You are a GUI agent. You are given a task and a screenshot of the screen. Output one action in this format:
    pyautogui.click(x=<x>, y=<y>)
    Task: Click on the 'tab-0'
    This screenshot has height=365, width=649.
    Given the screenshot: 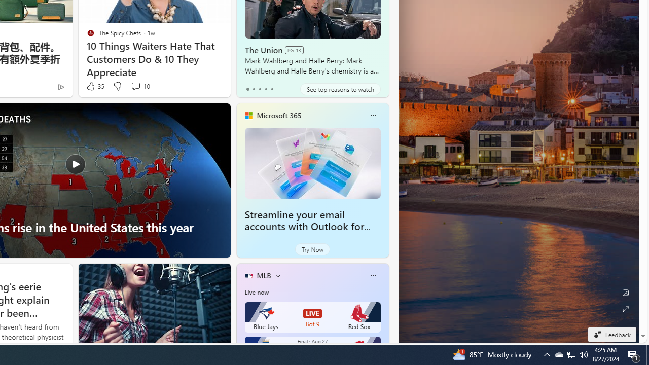 What is the action you would take?
    pyautogui.click(x=247, y=89)
    